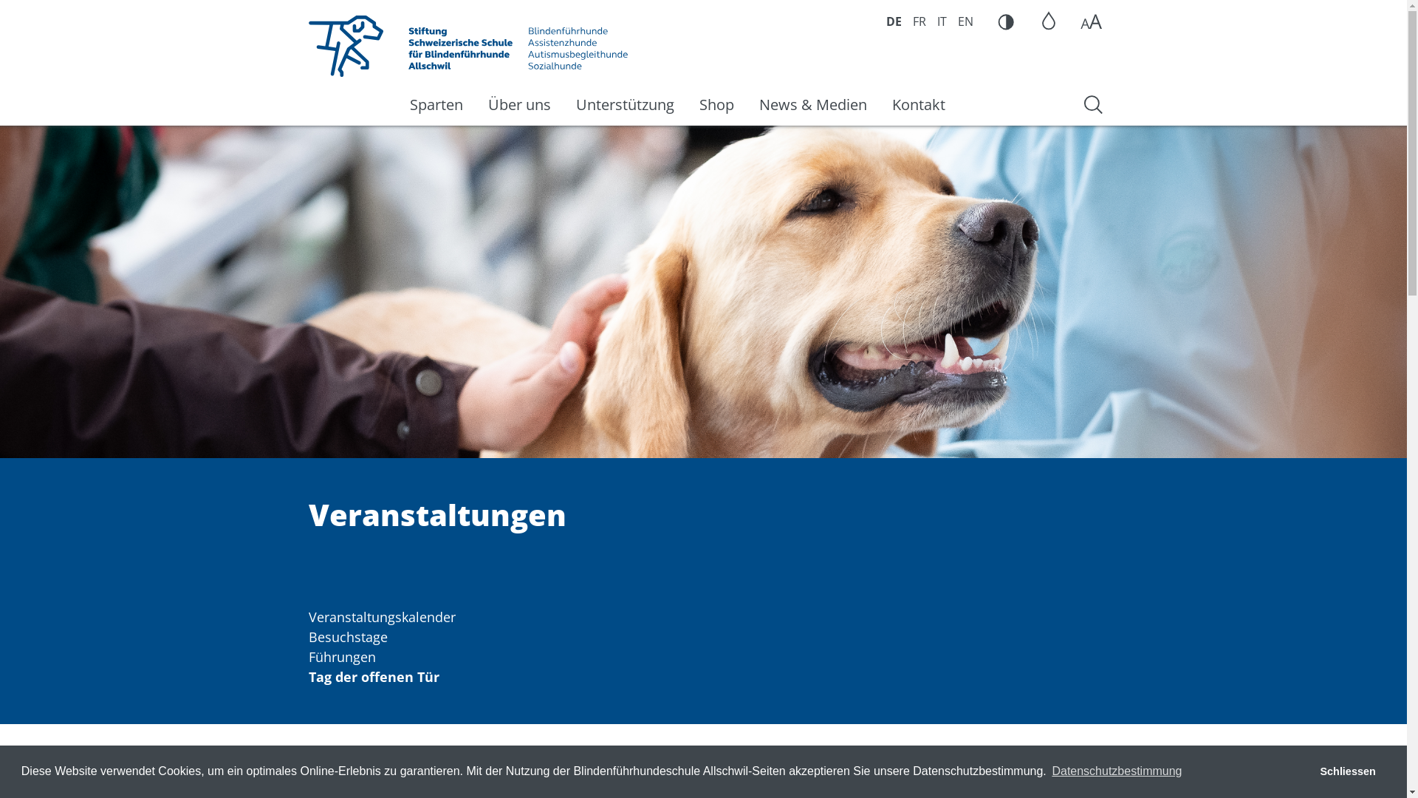 The image size is (1418, 798). I want to click on 'IT', so click(941, 21).